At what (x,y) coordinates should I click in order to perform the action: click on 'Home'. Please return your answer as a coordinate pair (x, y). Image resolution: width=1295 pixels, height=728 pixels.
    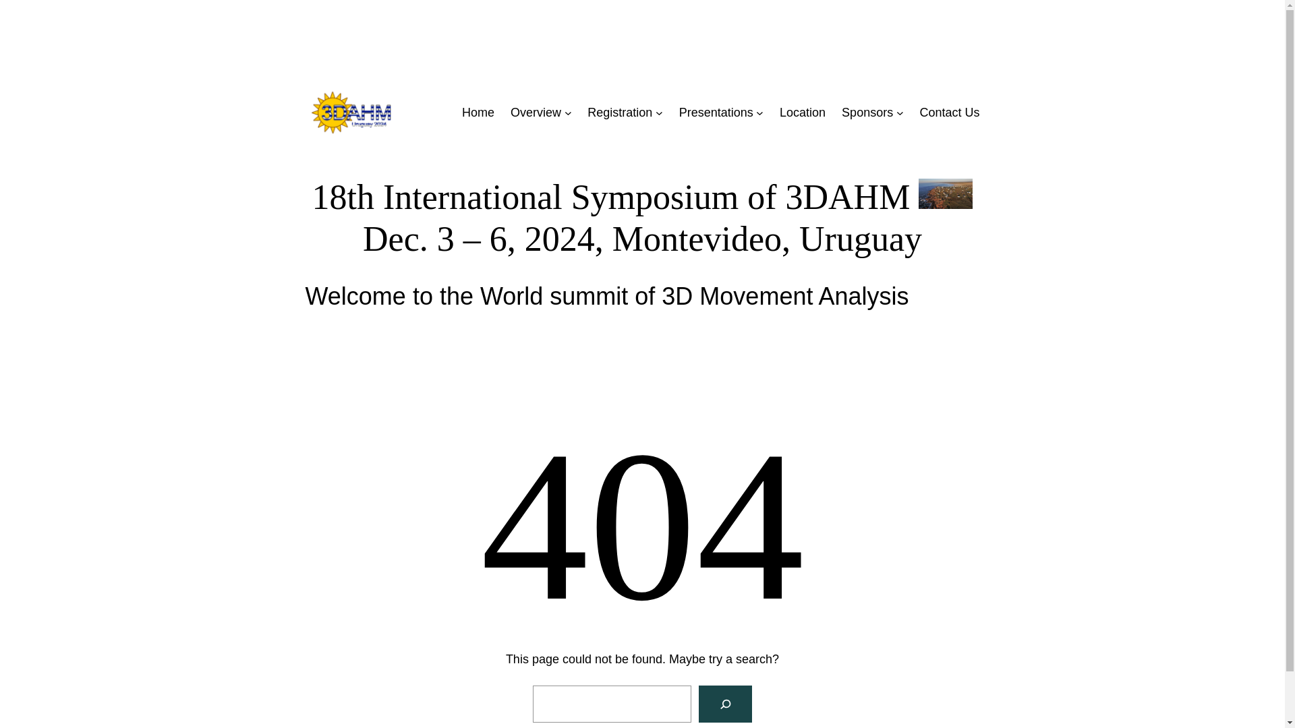
    Looking at the image, I should click on (478, 112).